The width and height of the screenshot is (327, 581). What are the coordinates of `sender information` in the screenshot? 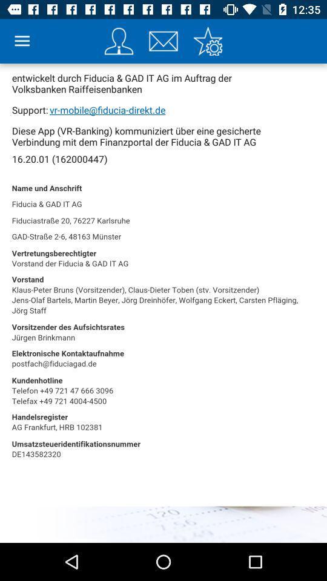 It's located at (119, 41).